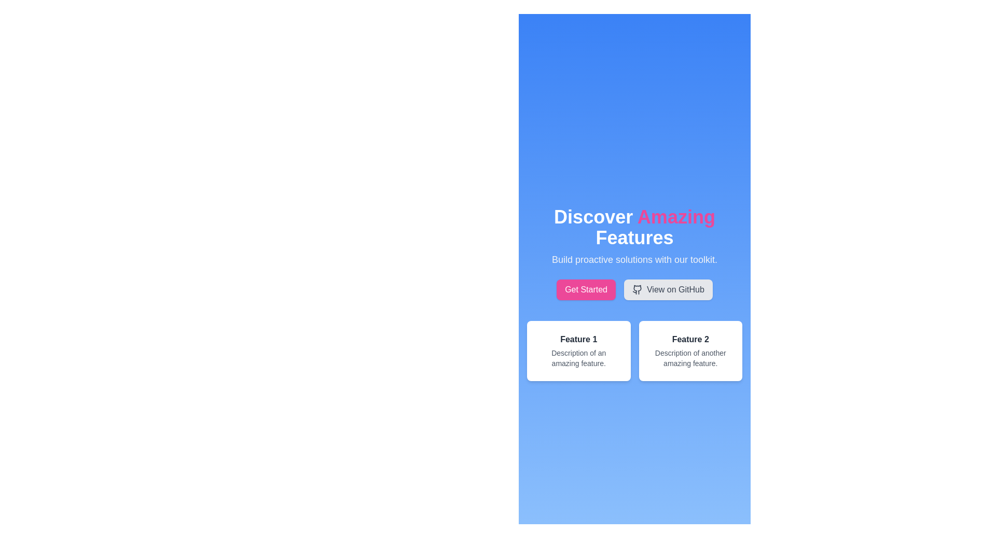  Describe the element at coordinates (634, 351) in the screenshot. I see `the information card in the grid located at the lower section of the interface, below the 'Get Started' and 'View on GitHub' buttons` at that location.